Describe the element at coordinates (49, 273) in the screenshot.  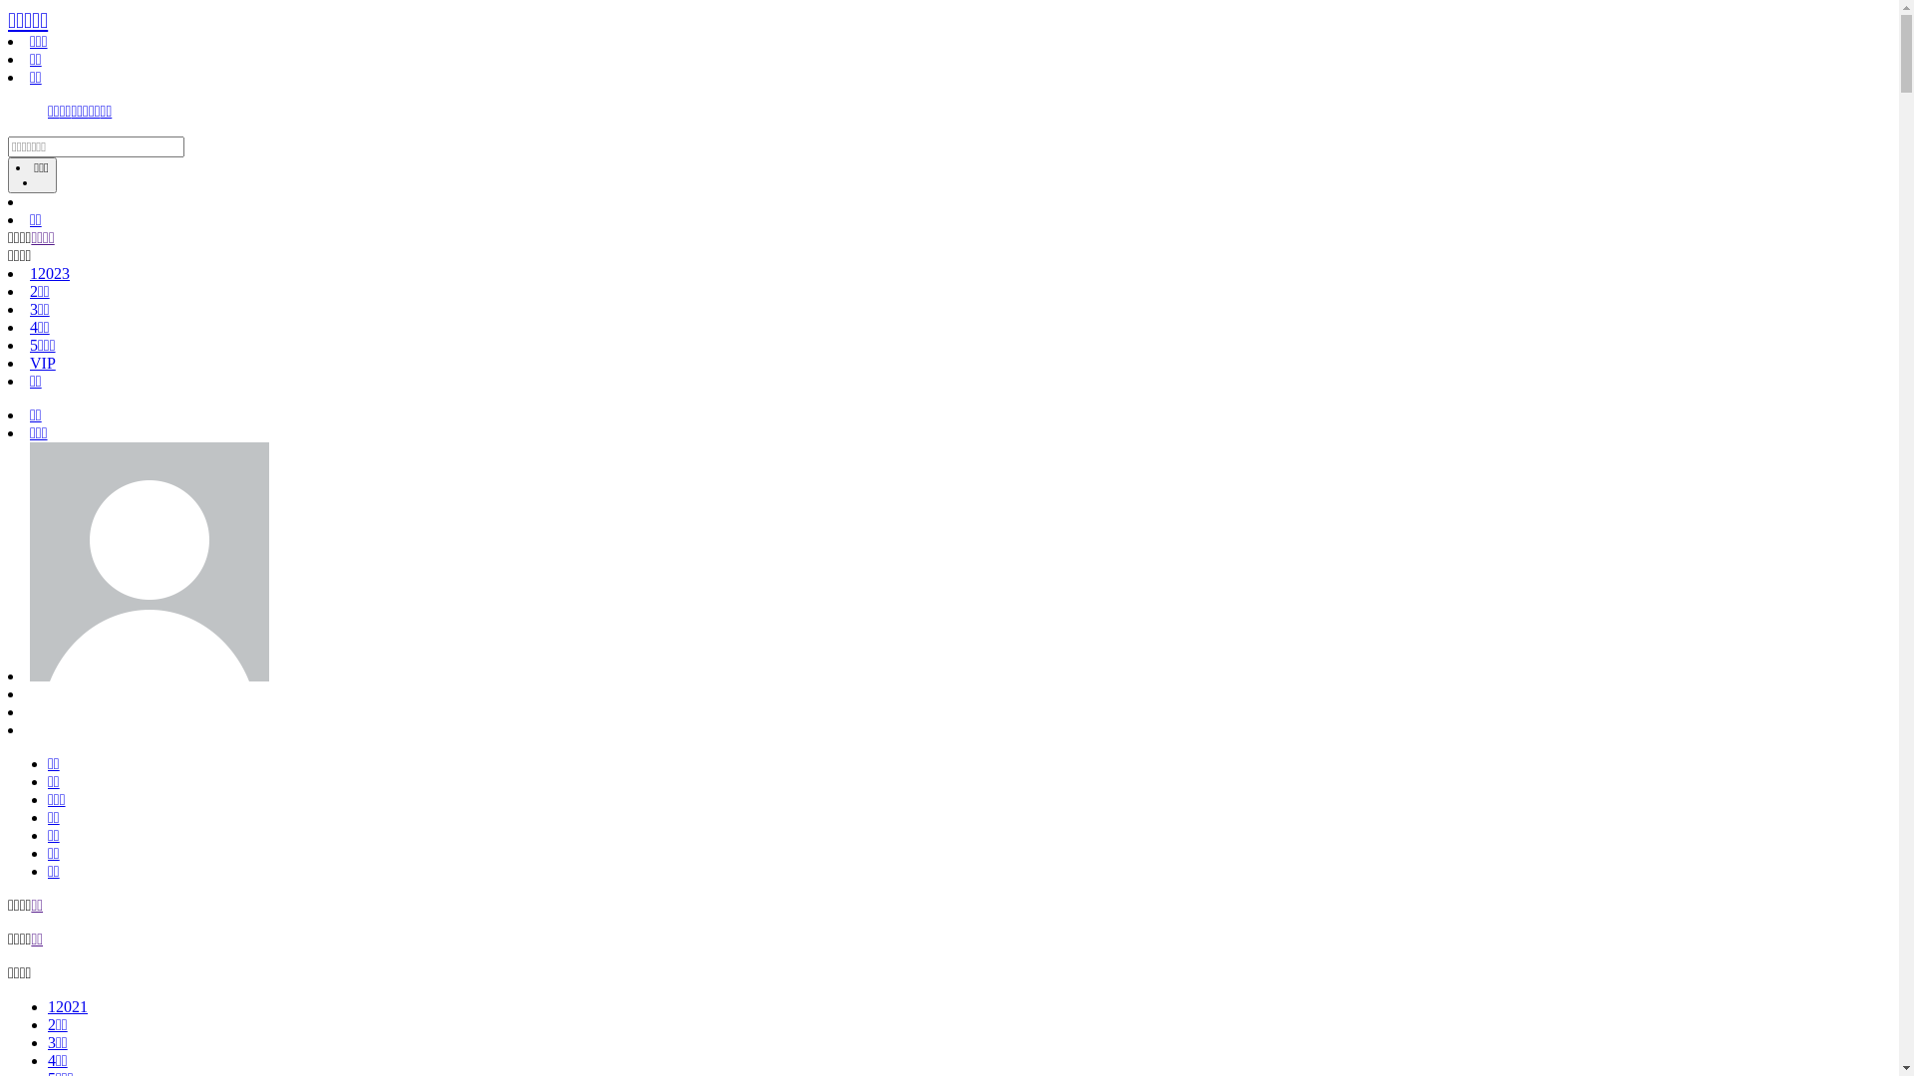
I see `'12023'` at that location.